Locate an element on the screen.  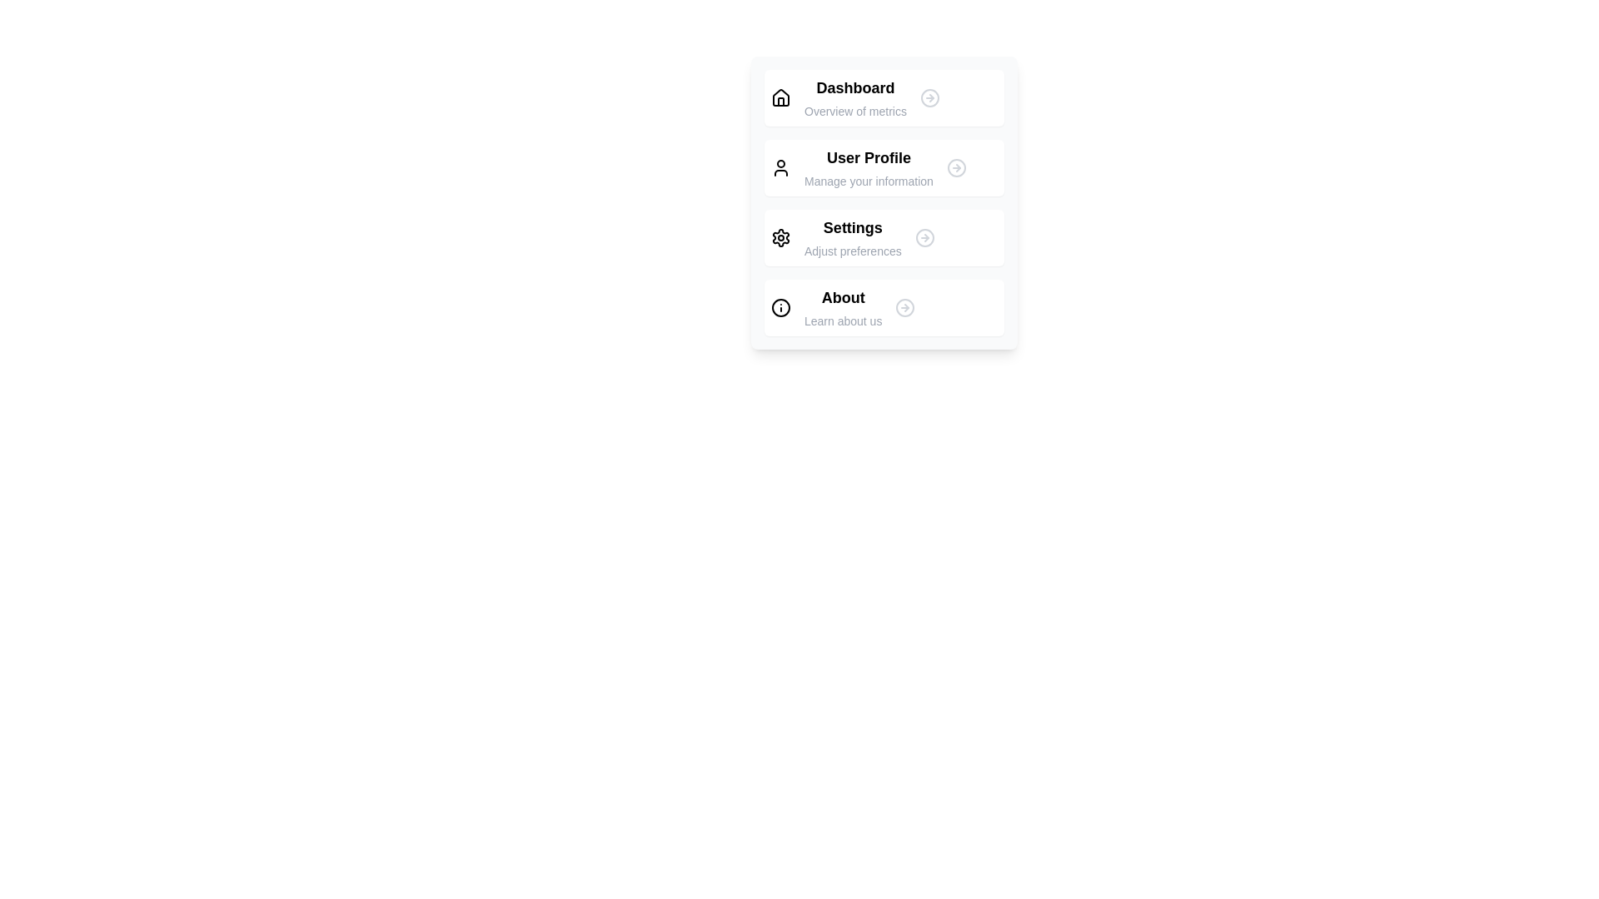
the 'Arrow in a Circle' icon located at the far right of the 'Dashboard' menu option, which is styled in gray tones is located at coordinates (929, 98).